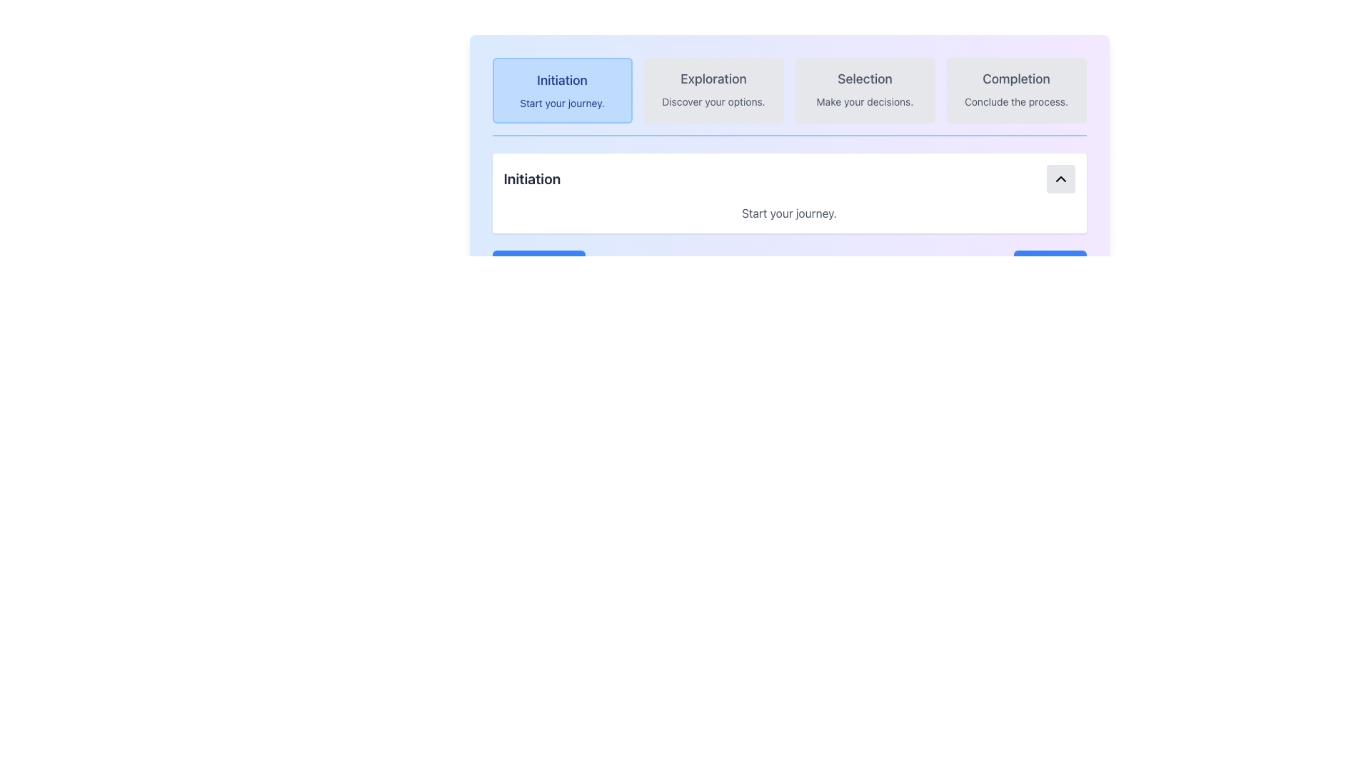 The image size is (1371, 771). Describe the element at coordinates (788, 193) in the screenshot. I see `the section describing the first step in the process, located directly below the 'Initiation Start your journey.' card` at that location.